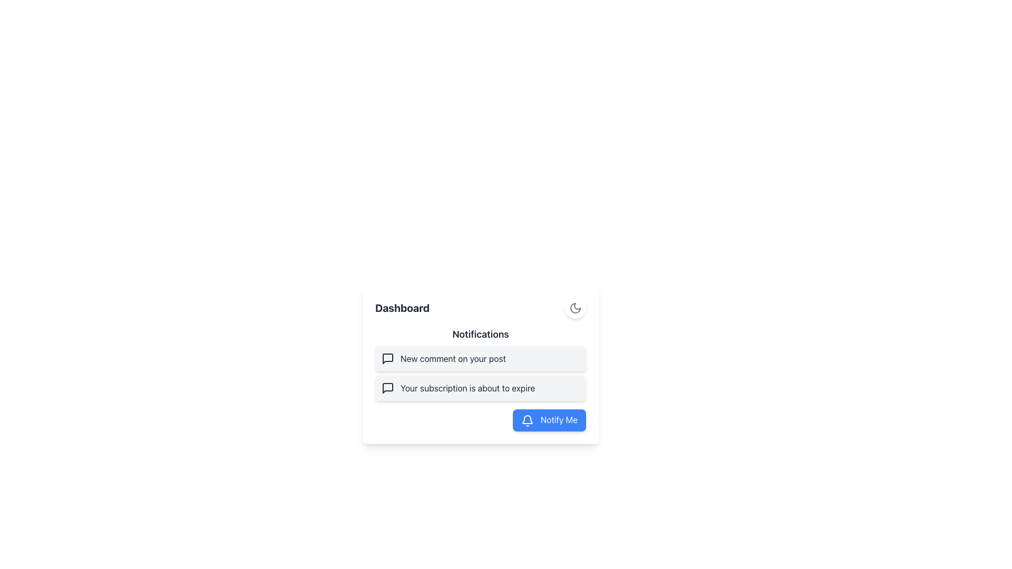  Describe the element at coordinates (575, 308) in the screenshot. I see `the crescent moon shape vector graphic element in the top-right corner of the notification card within the dashboard interface` at that location.